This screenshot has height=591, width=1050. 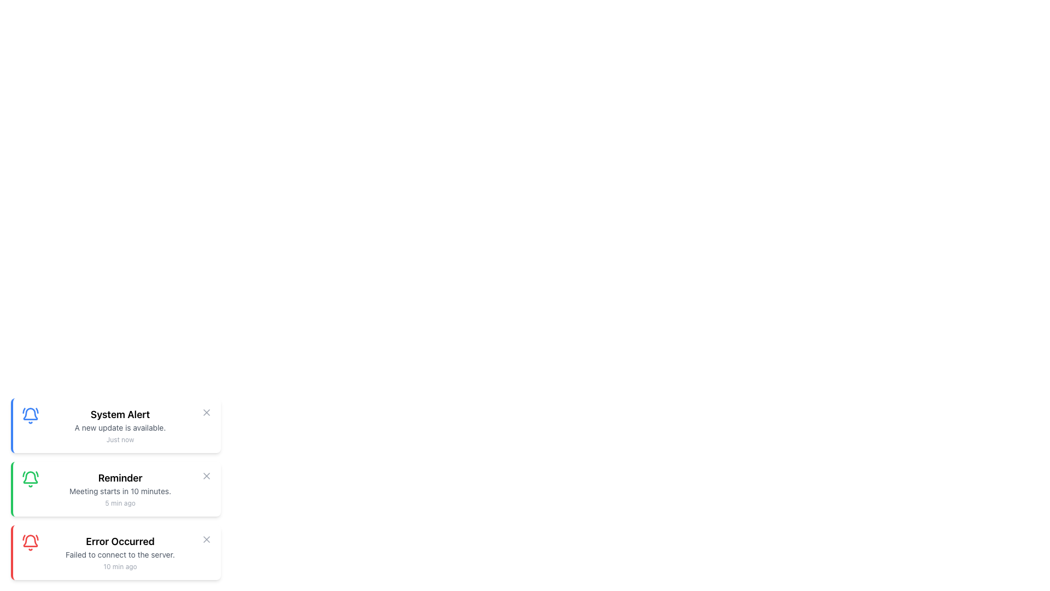 I want to click on the text element displaying the message 'Failed to connect to the server' located within the 'Error Occurred' notification group, so click(x=120, y=555).